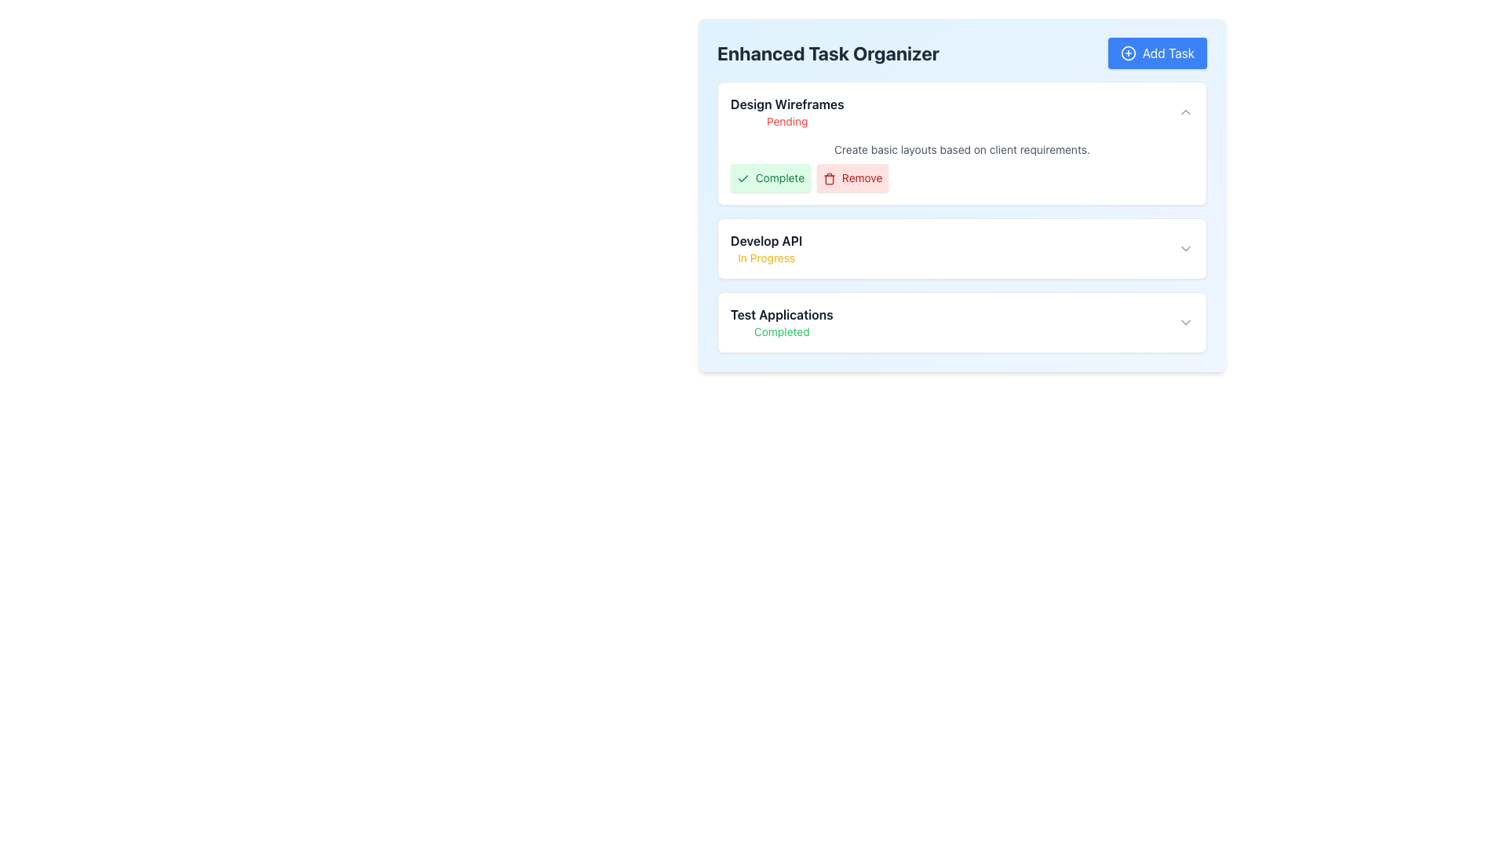 The height and width of the screenshot is (848, 1507). What do you see at coordinates (766, 257) in the screenshot?
I see `the 'In Progress' text label, which is styled in yellow and serves as a status indicator located below the 'Develop API' task entry` at bounding box center [766, 257].